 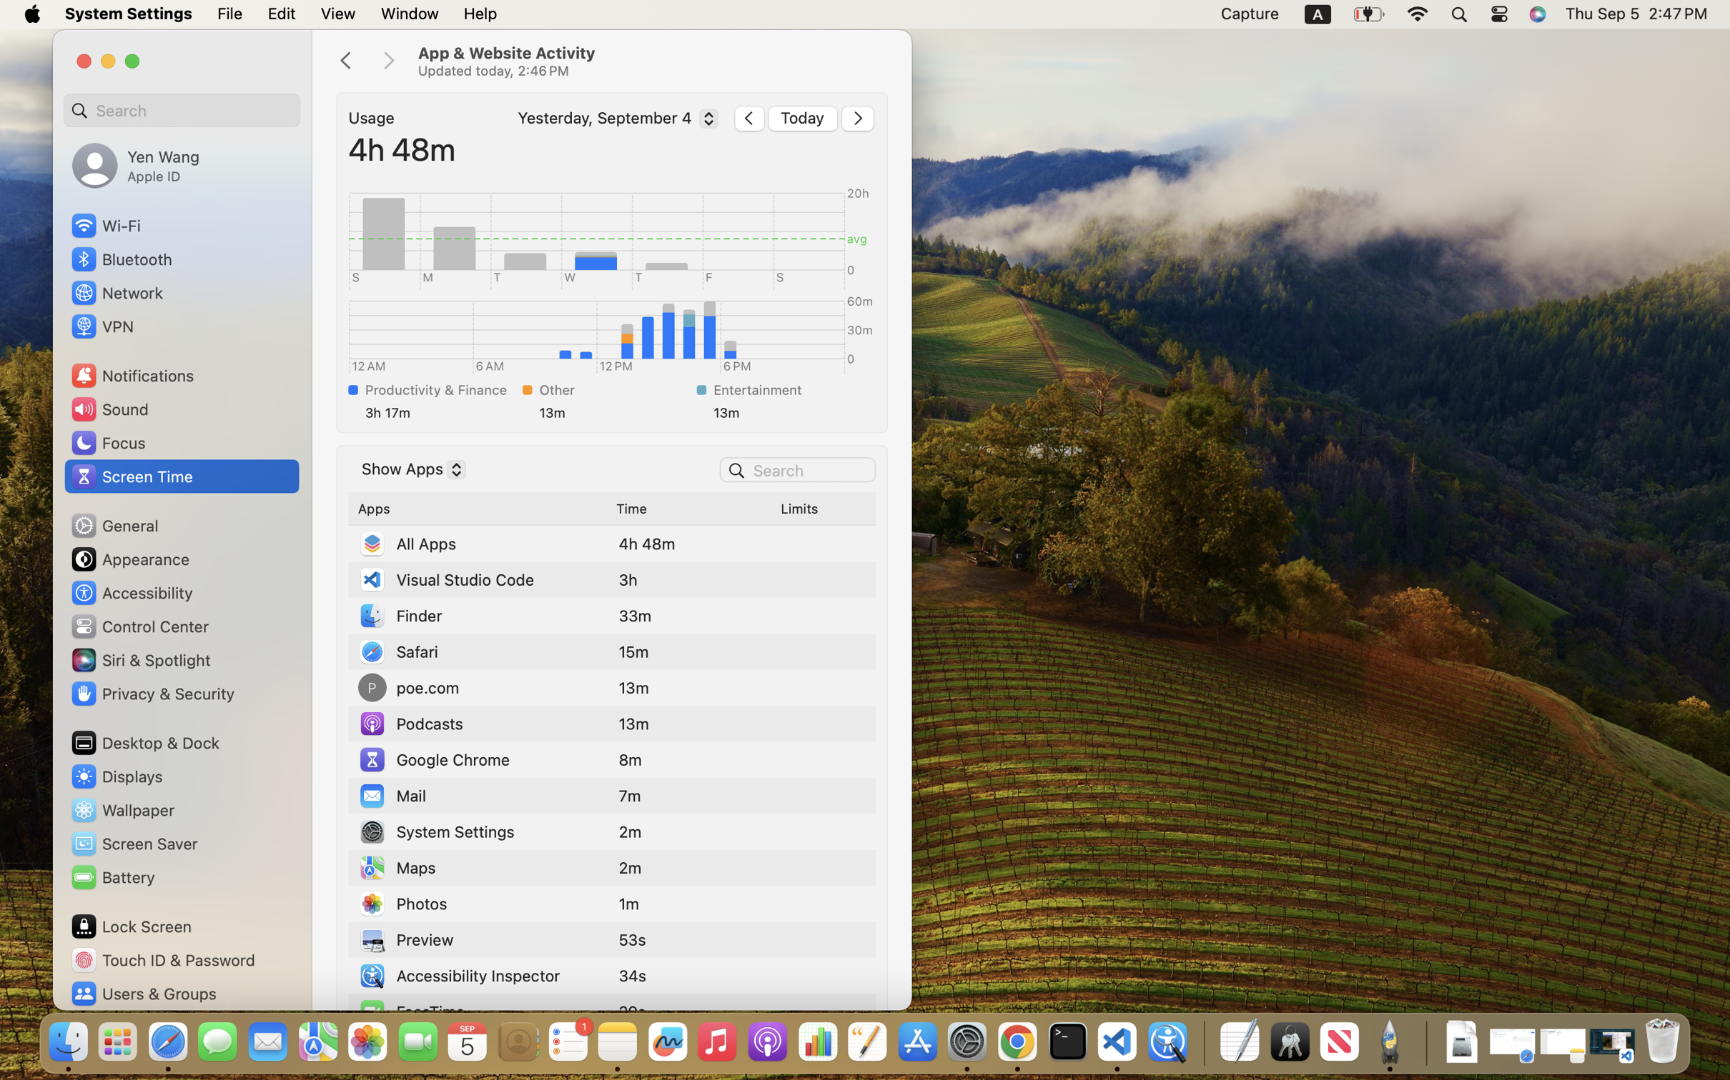 What do you see at coordinates (611, 234) in the screenshot?
I see `'Wednesday'` at bounding box center [611, 234].